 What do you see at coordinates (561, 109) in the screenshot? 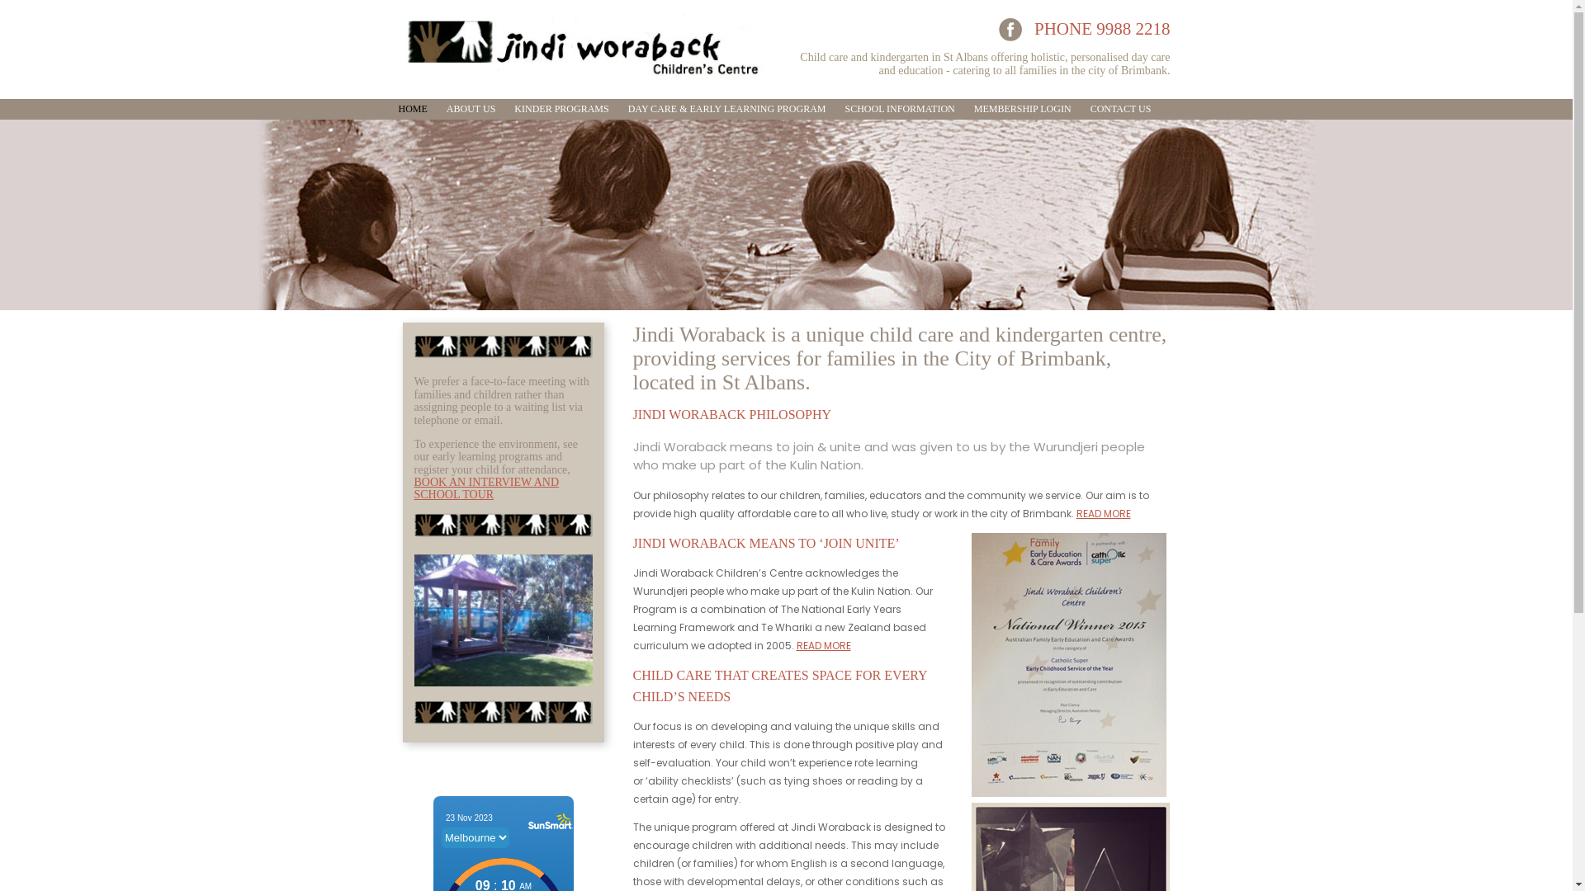
I see `'KINDER PROGRAMS'` at bounding box center [561, 109].